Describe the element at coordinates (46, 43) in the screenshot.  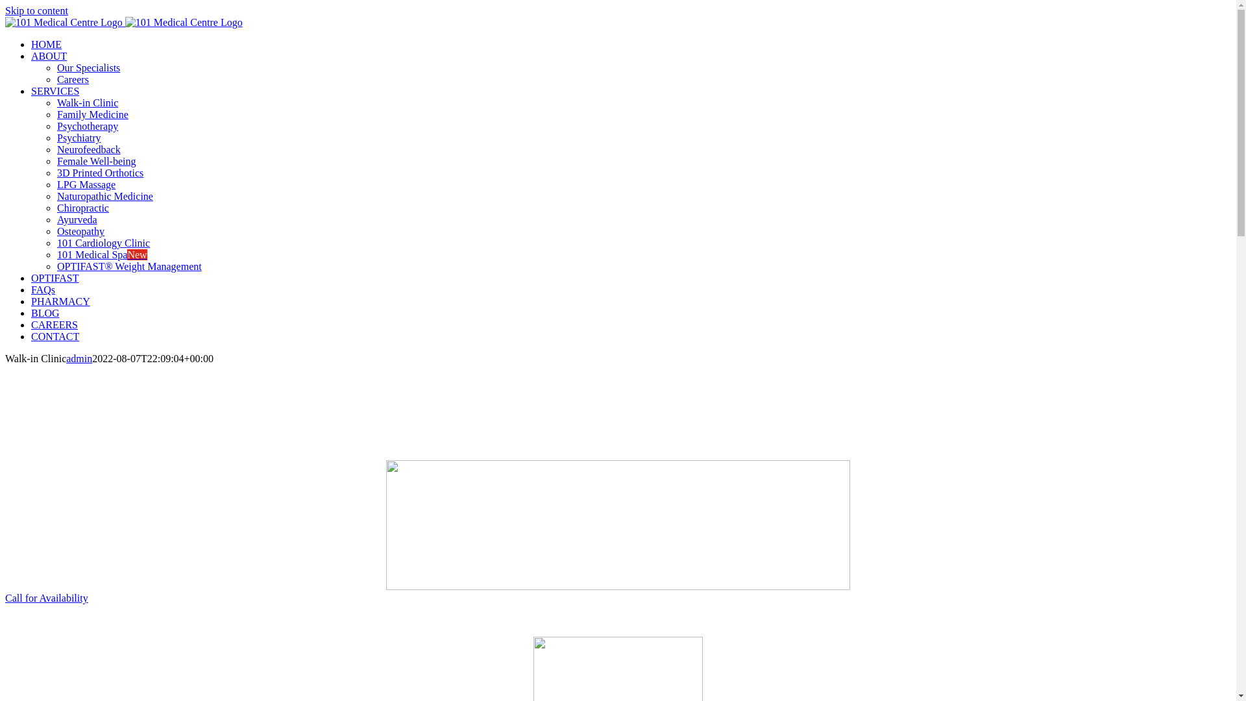
I see `'HOME'` at that location.